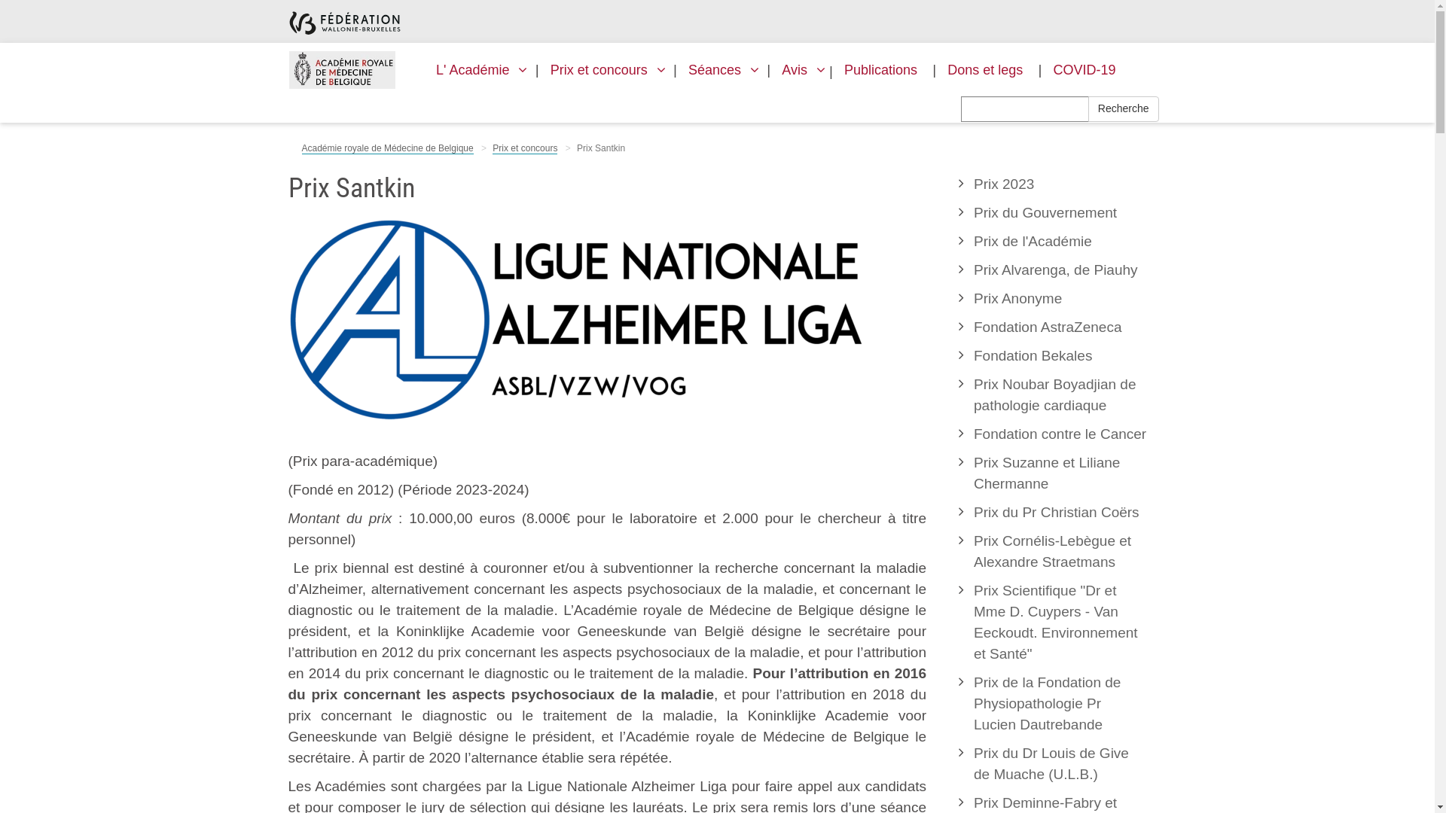  I want to click on 'Prix du Gouvernement', so click(1059, 212).